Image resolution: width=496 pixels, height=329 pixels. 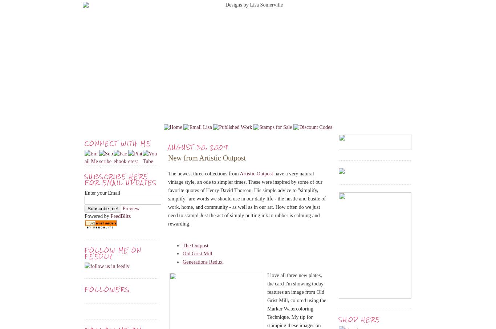 I want to click on 'Connect with Me', so click(x=85, y=143).